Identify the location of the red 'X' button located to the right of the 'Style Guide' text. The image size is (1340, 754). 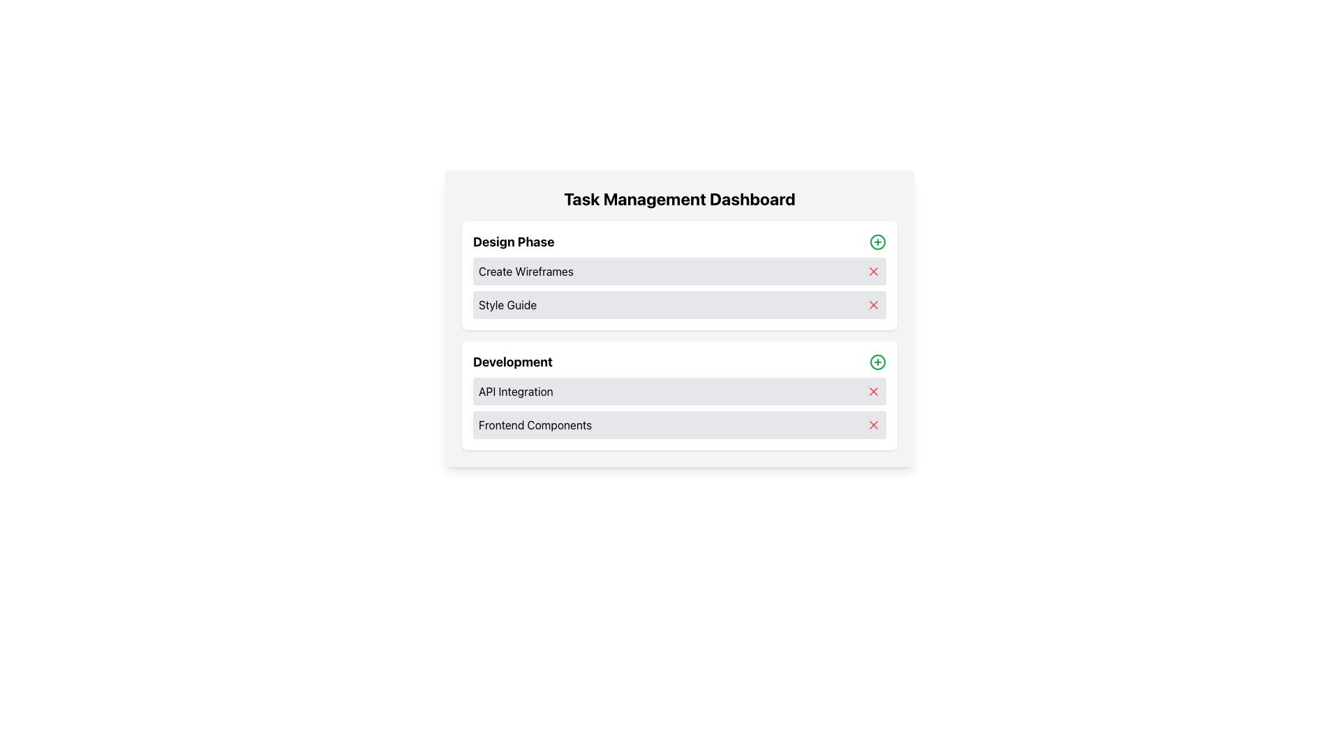
(873, 304).